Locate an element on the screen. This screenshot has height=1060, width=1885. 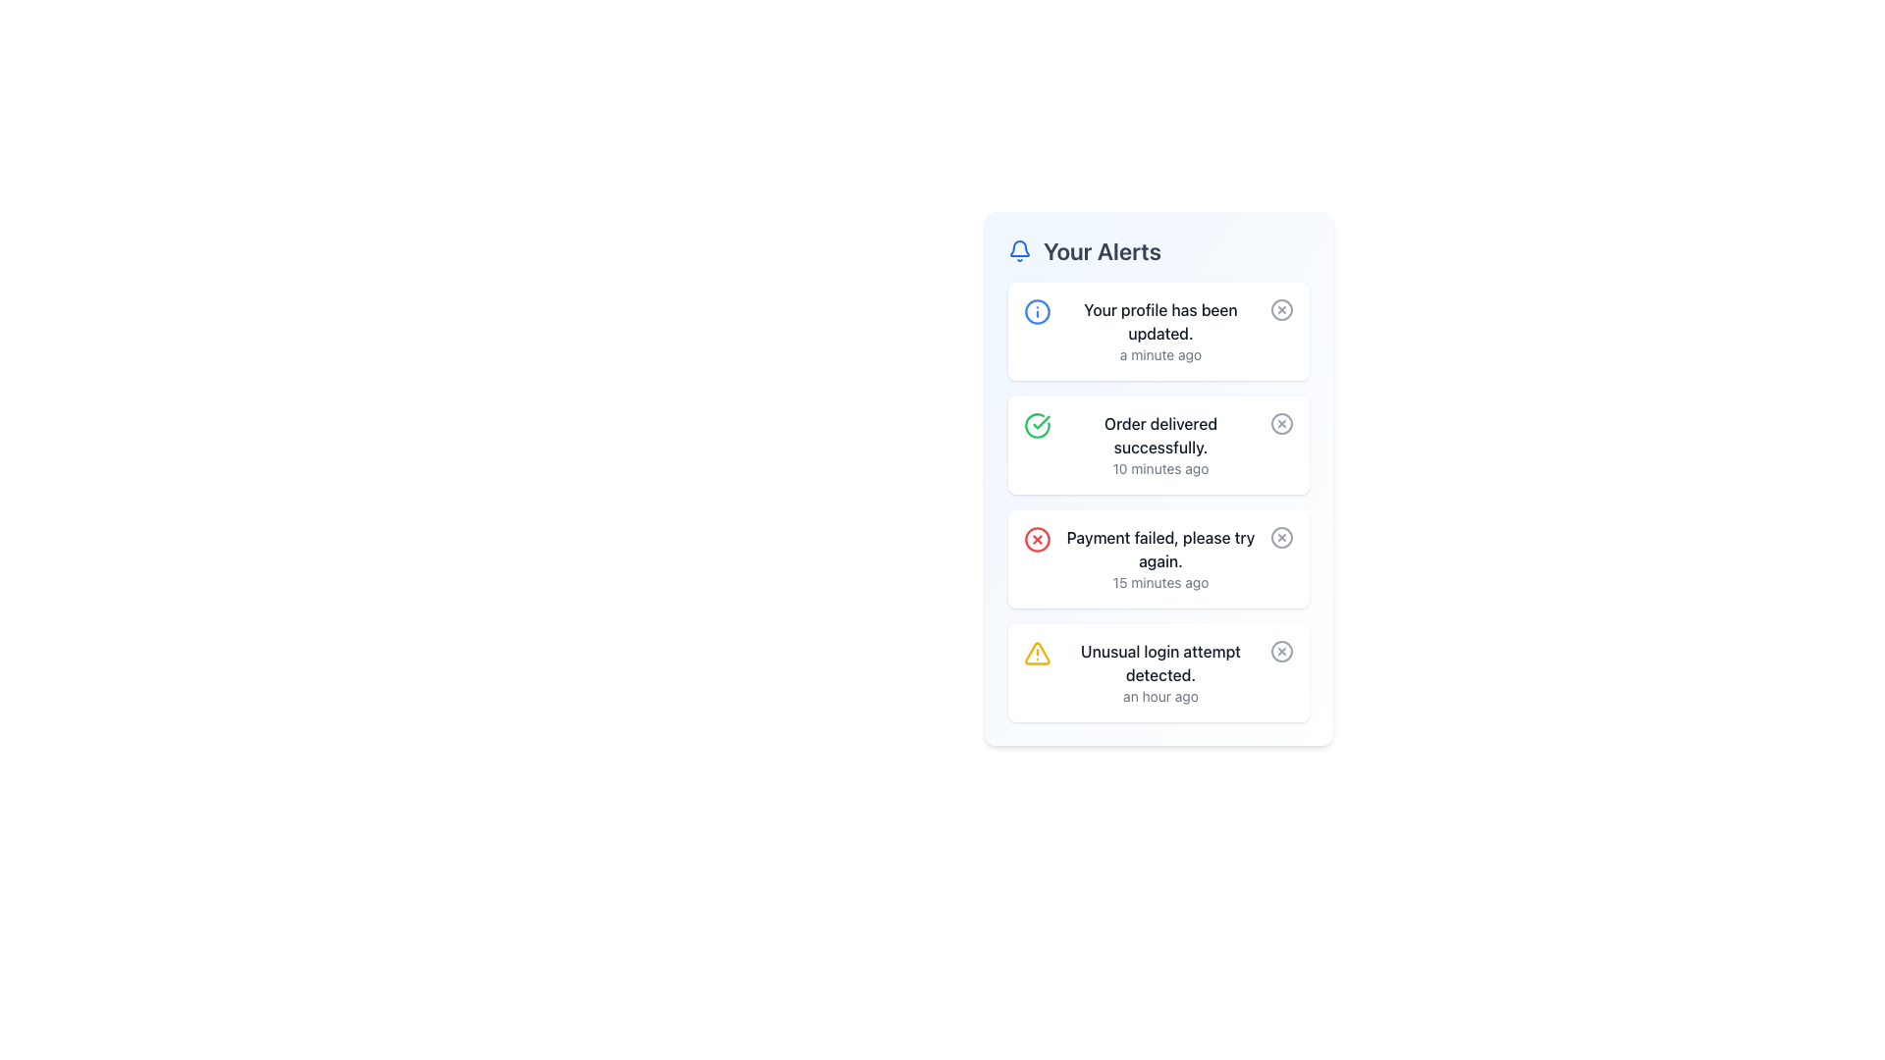
notification detail from the Text Block element that indicates 'Order delivered successfully.' and '10 minutes ago' is located at coordinates (1160, 446).